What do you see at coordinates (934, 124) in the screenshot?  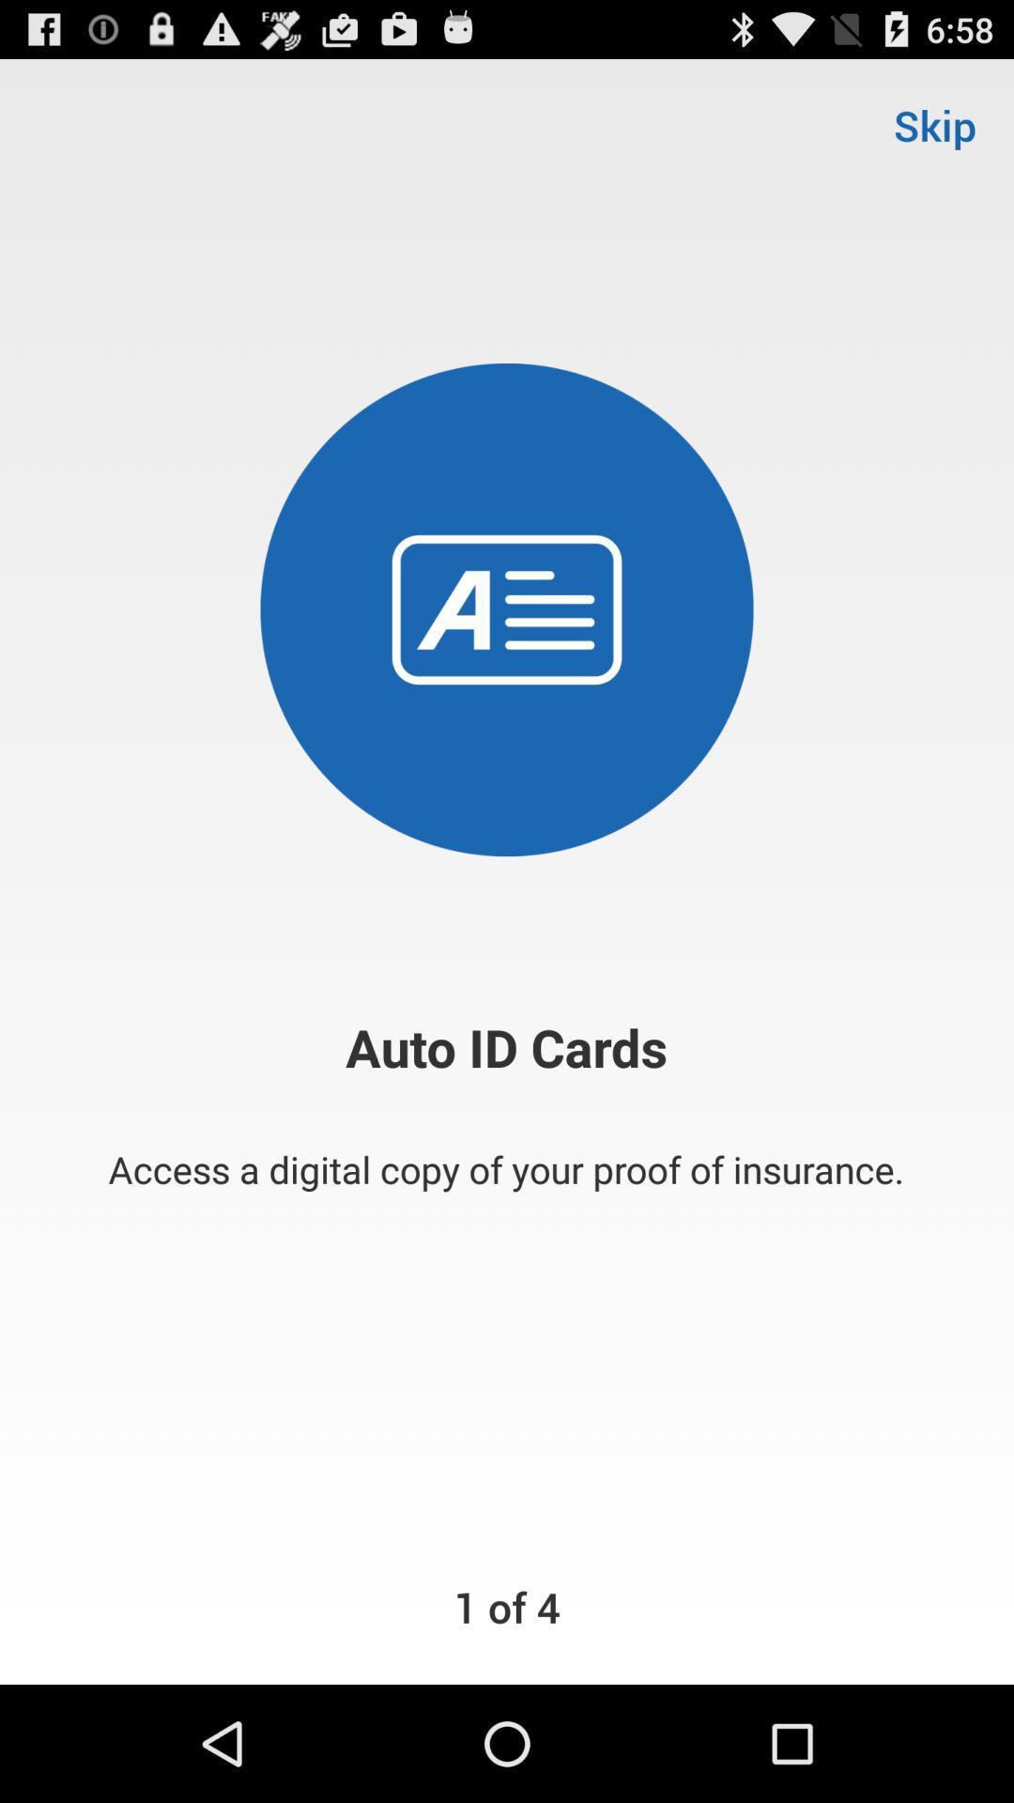 I see `skip icon` at bounding box center [934, 124].